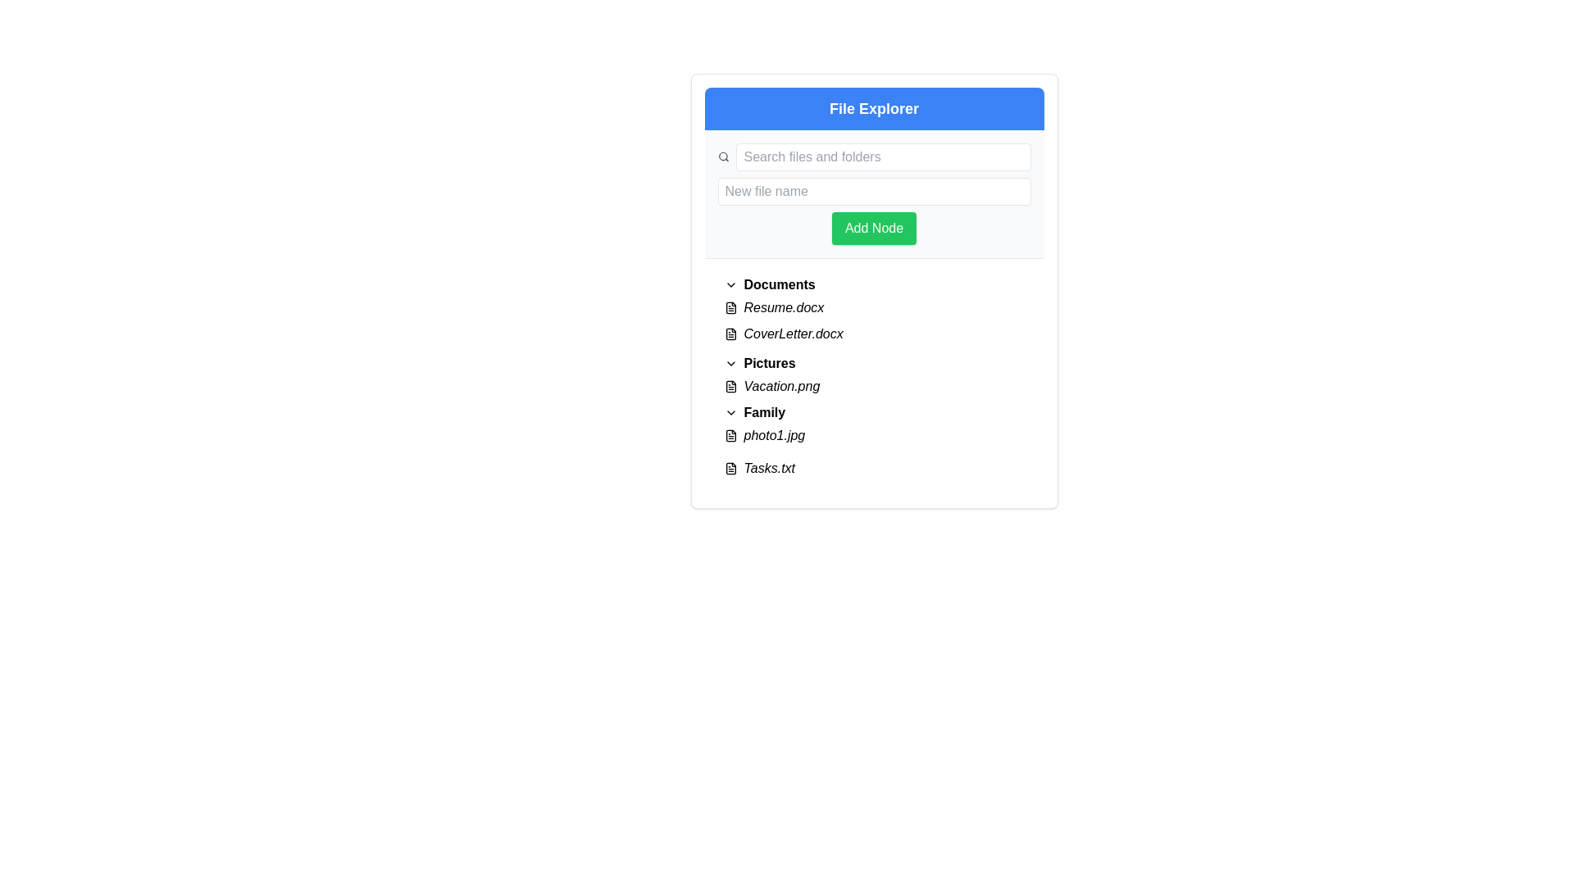 This screenshot has width=1574, height=885. Describe the element at coordinates (873, 108) in the screenshot. I see `the 'File Explorer' label, which is prominently displayed in bold white text on a blue rectangular header at the top of the file management interface` at that location.